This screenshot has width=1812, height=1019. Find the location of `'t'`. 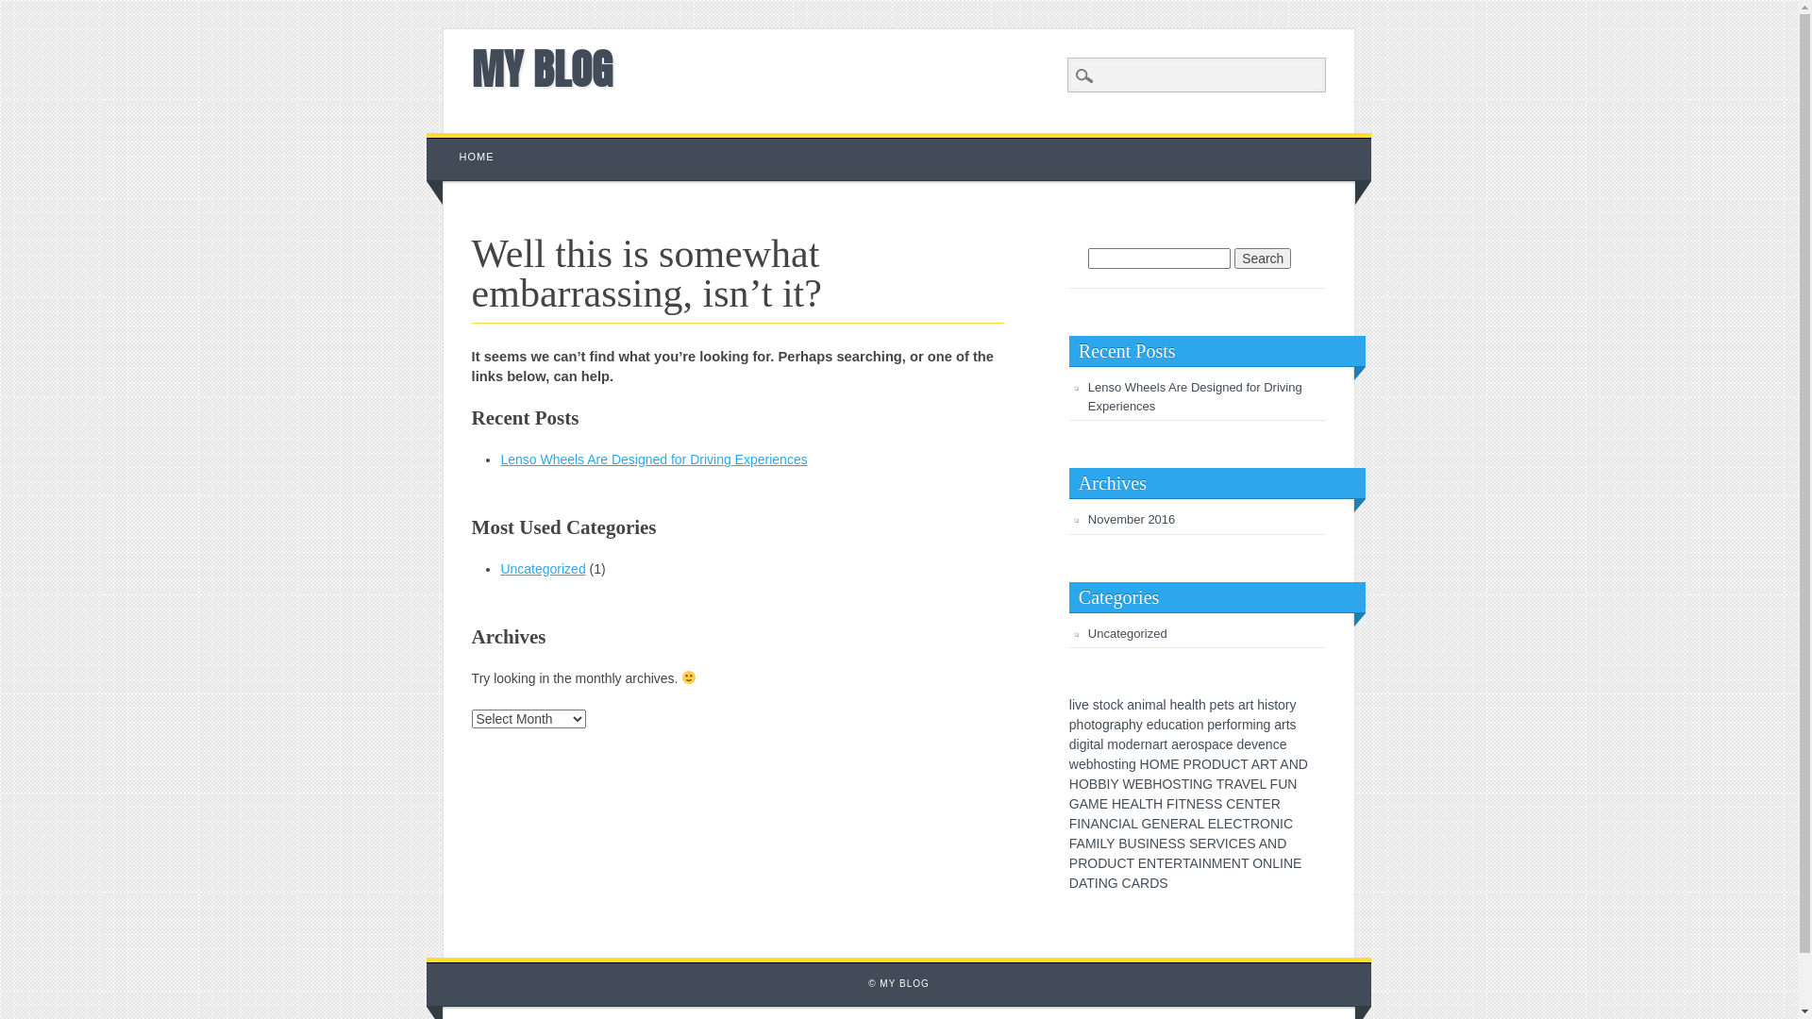

't' is located at coordinates (1164, 743).